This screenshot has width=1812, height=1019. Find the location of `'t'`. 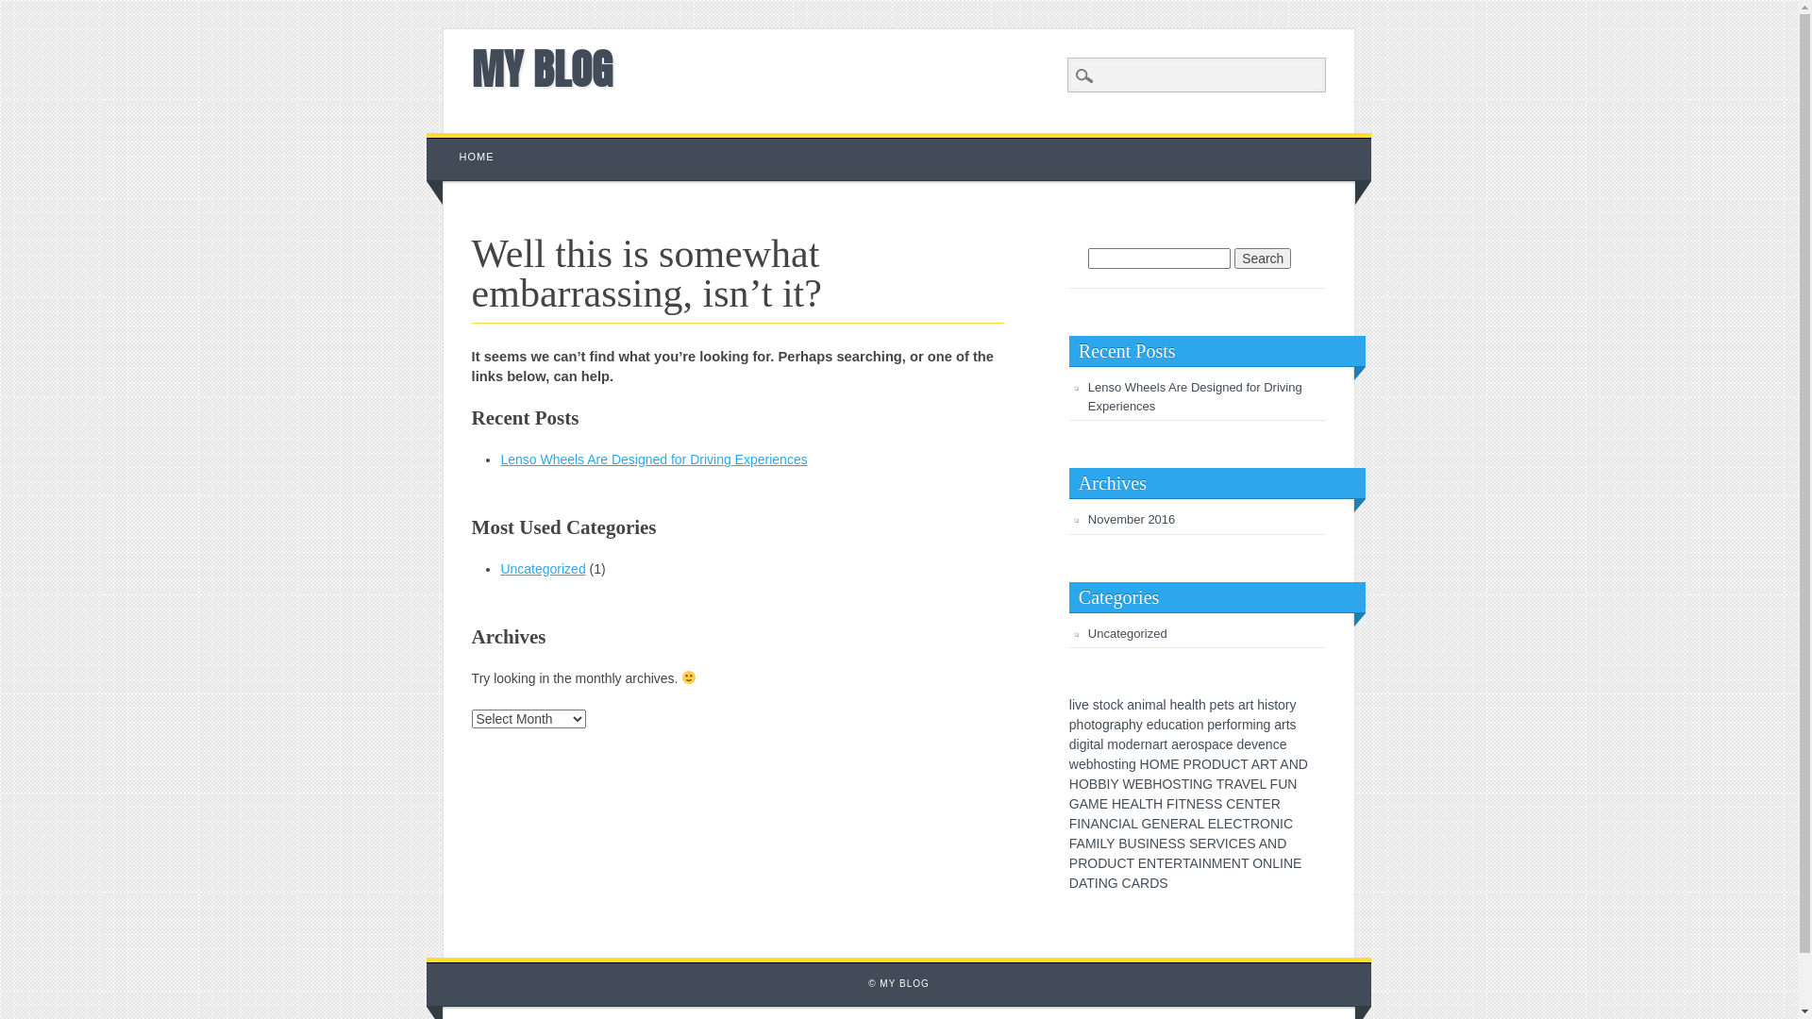

't' is located at coordinates (1164, 743).